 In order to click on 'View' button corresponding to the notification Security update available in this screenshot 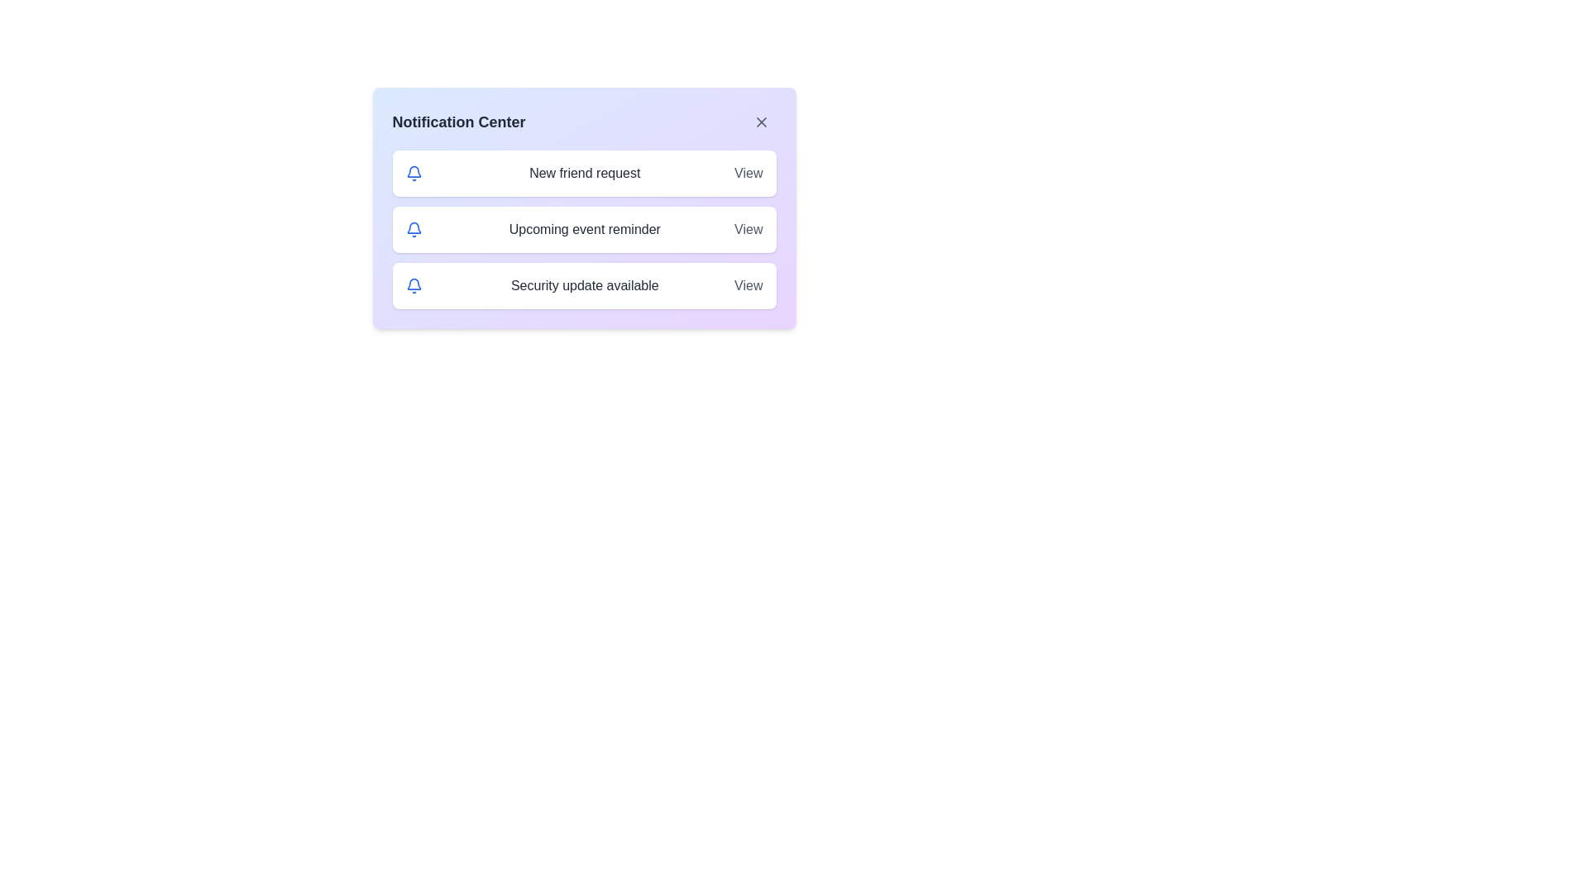, I will do `click(748, 285)`.